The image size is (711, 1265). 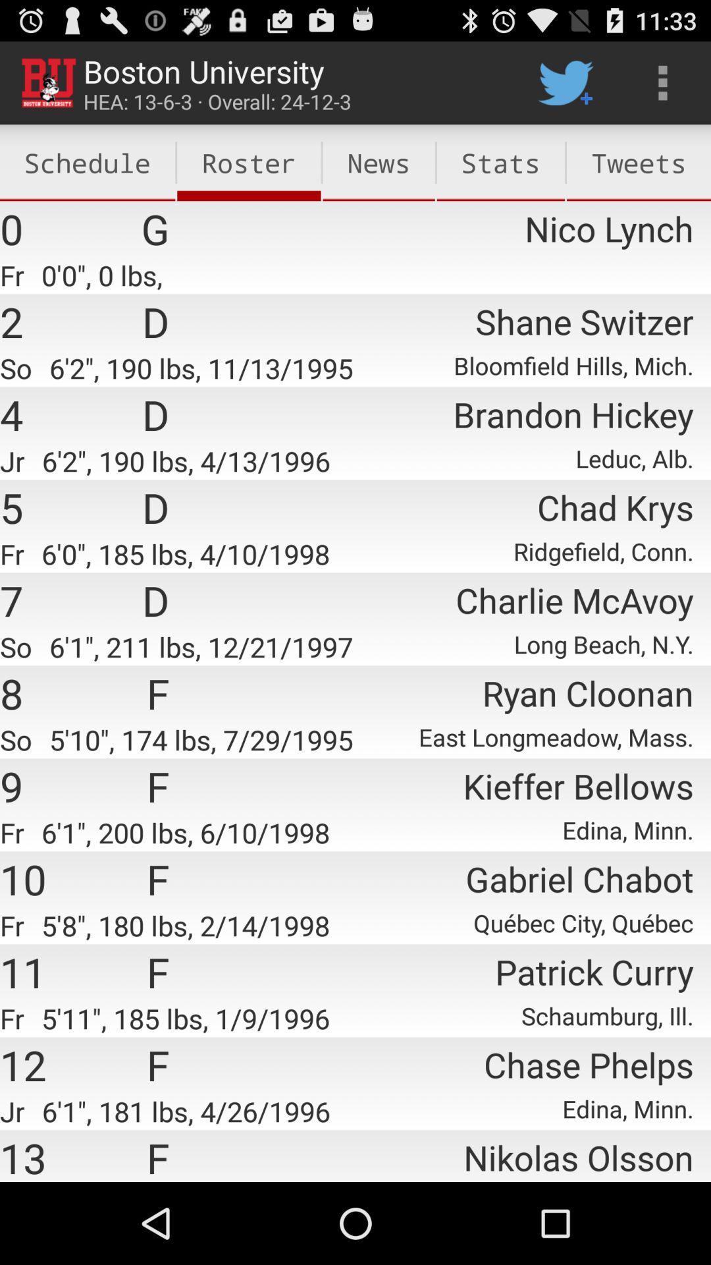 What do you see at coordinates (379, 162) in the screenshot?
I see `the item to the right of the roster icon` at bounding box center [379, 162].